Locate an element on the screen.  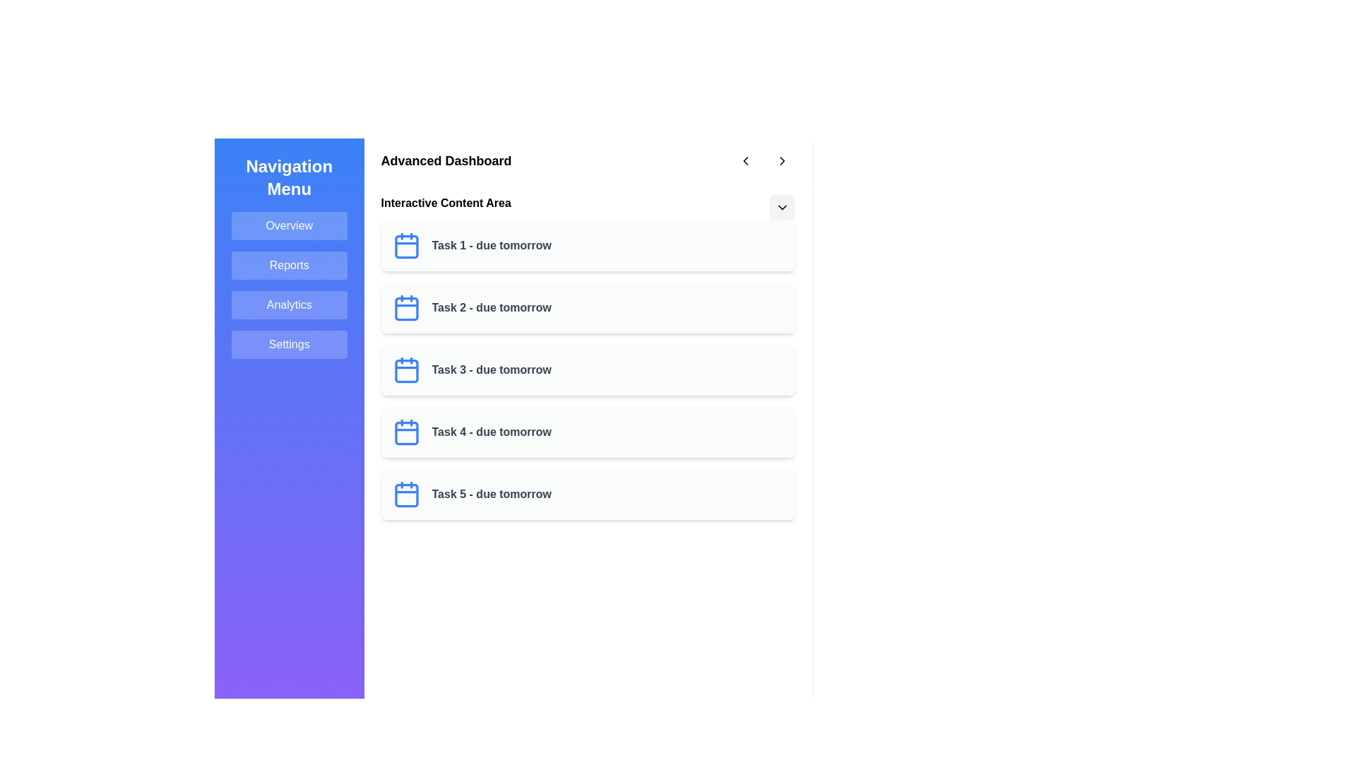
the text display element that shows task descriptions and due dates, positioned between 'Task 2 - due tomorrow' and 'Task 4 - due tomorrow' is located at coordinates (492, 369).